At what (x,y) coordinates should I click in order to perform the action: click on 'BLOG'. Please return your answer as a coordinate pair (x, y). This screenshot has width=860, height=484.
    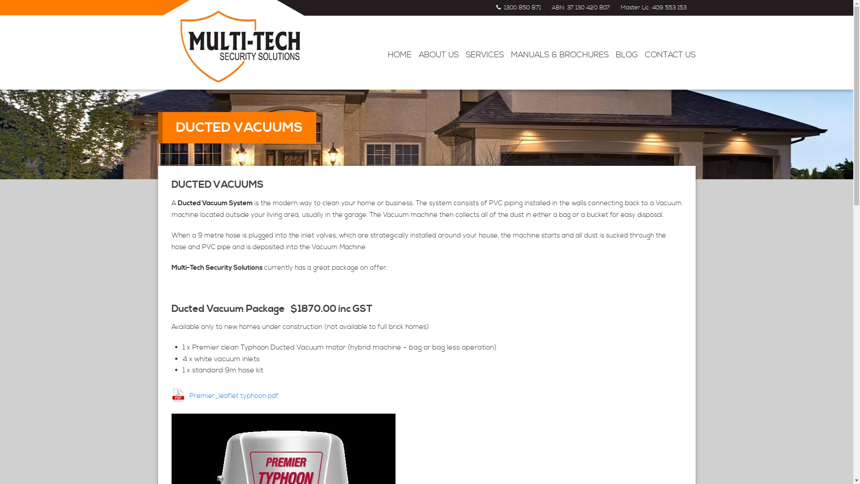
    Looking at the image, I should click on (626, 55).